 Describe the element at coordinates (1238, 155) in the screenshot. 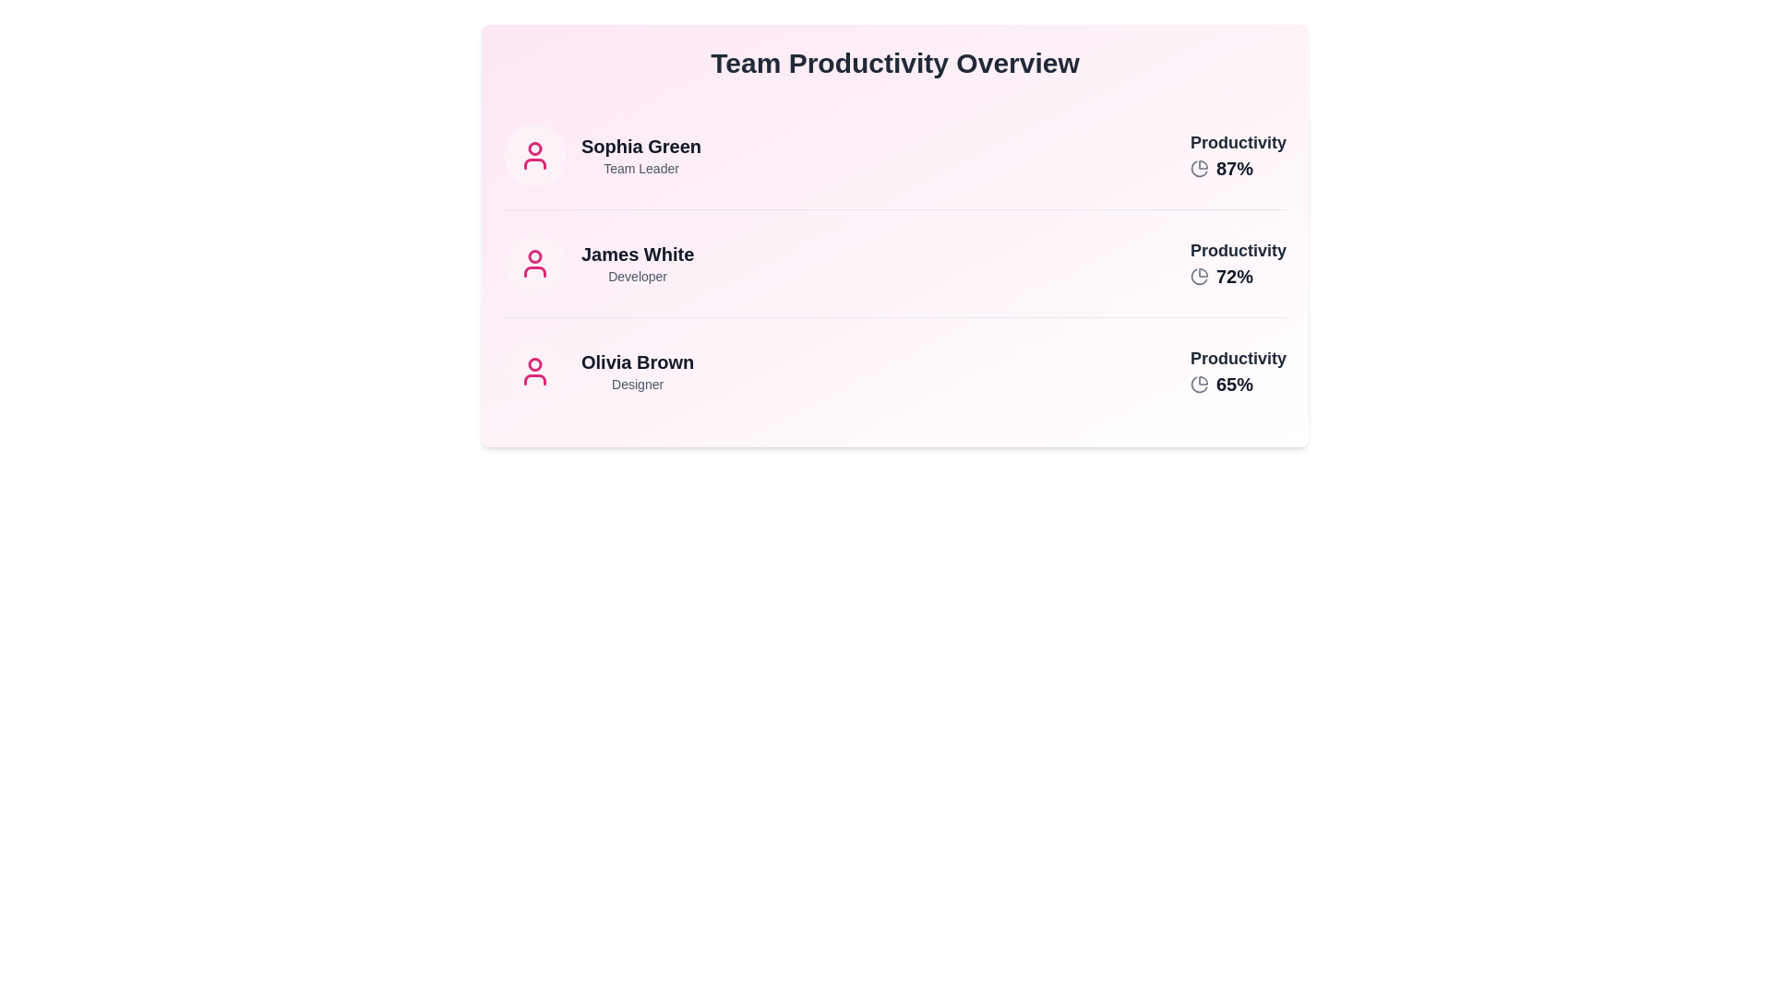

I see `text '87%' displayed in the Statistic Display for 'Productivity' under 'Sophia Green' in the Team Productivity Overview card` at that location.